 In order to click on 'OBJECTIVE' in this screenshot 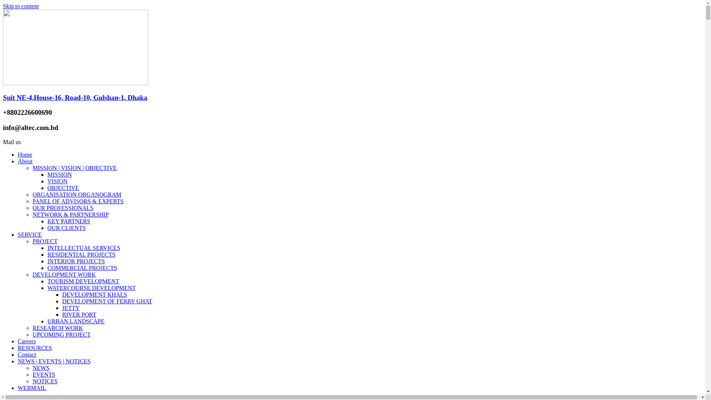, I will do `click(63, 187)`.